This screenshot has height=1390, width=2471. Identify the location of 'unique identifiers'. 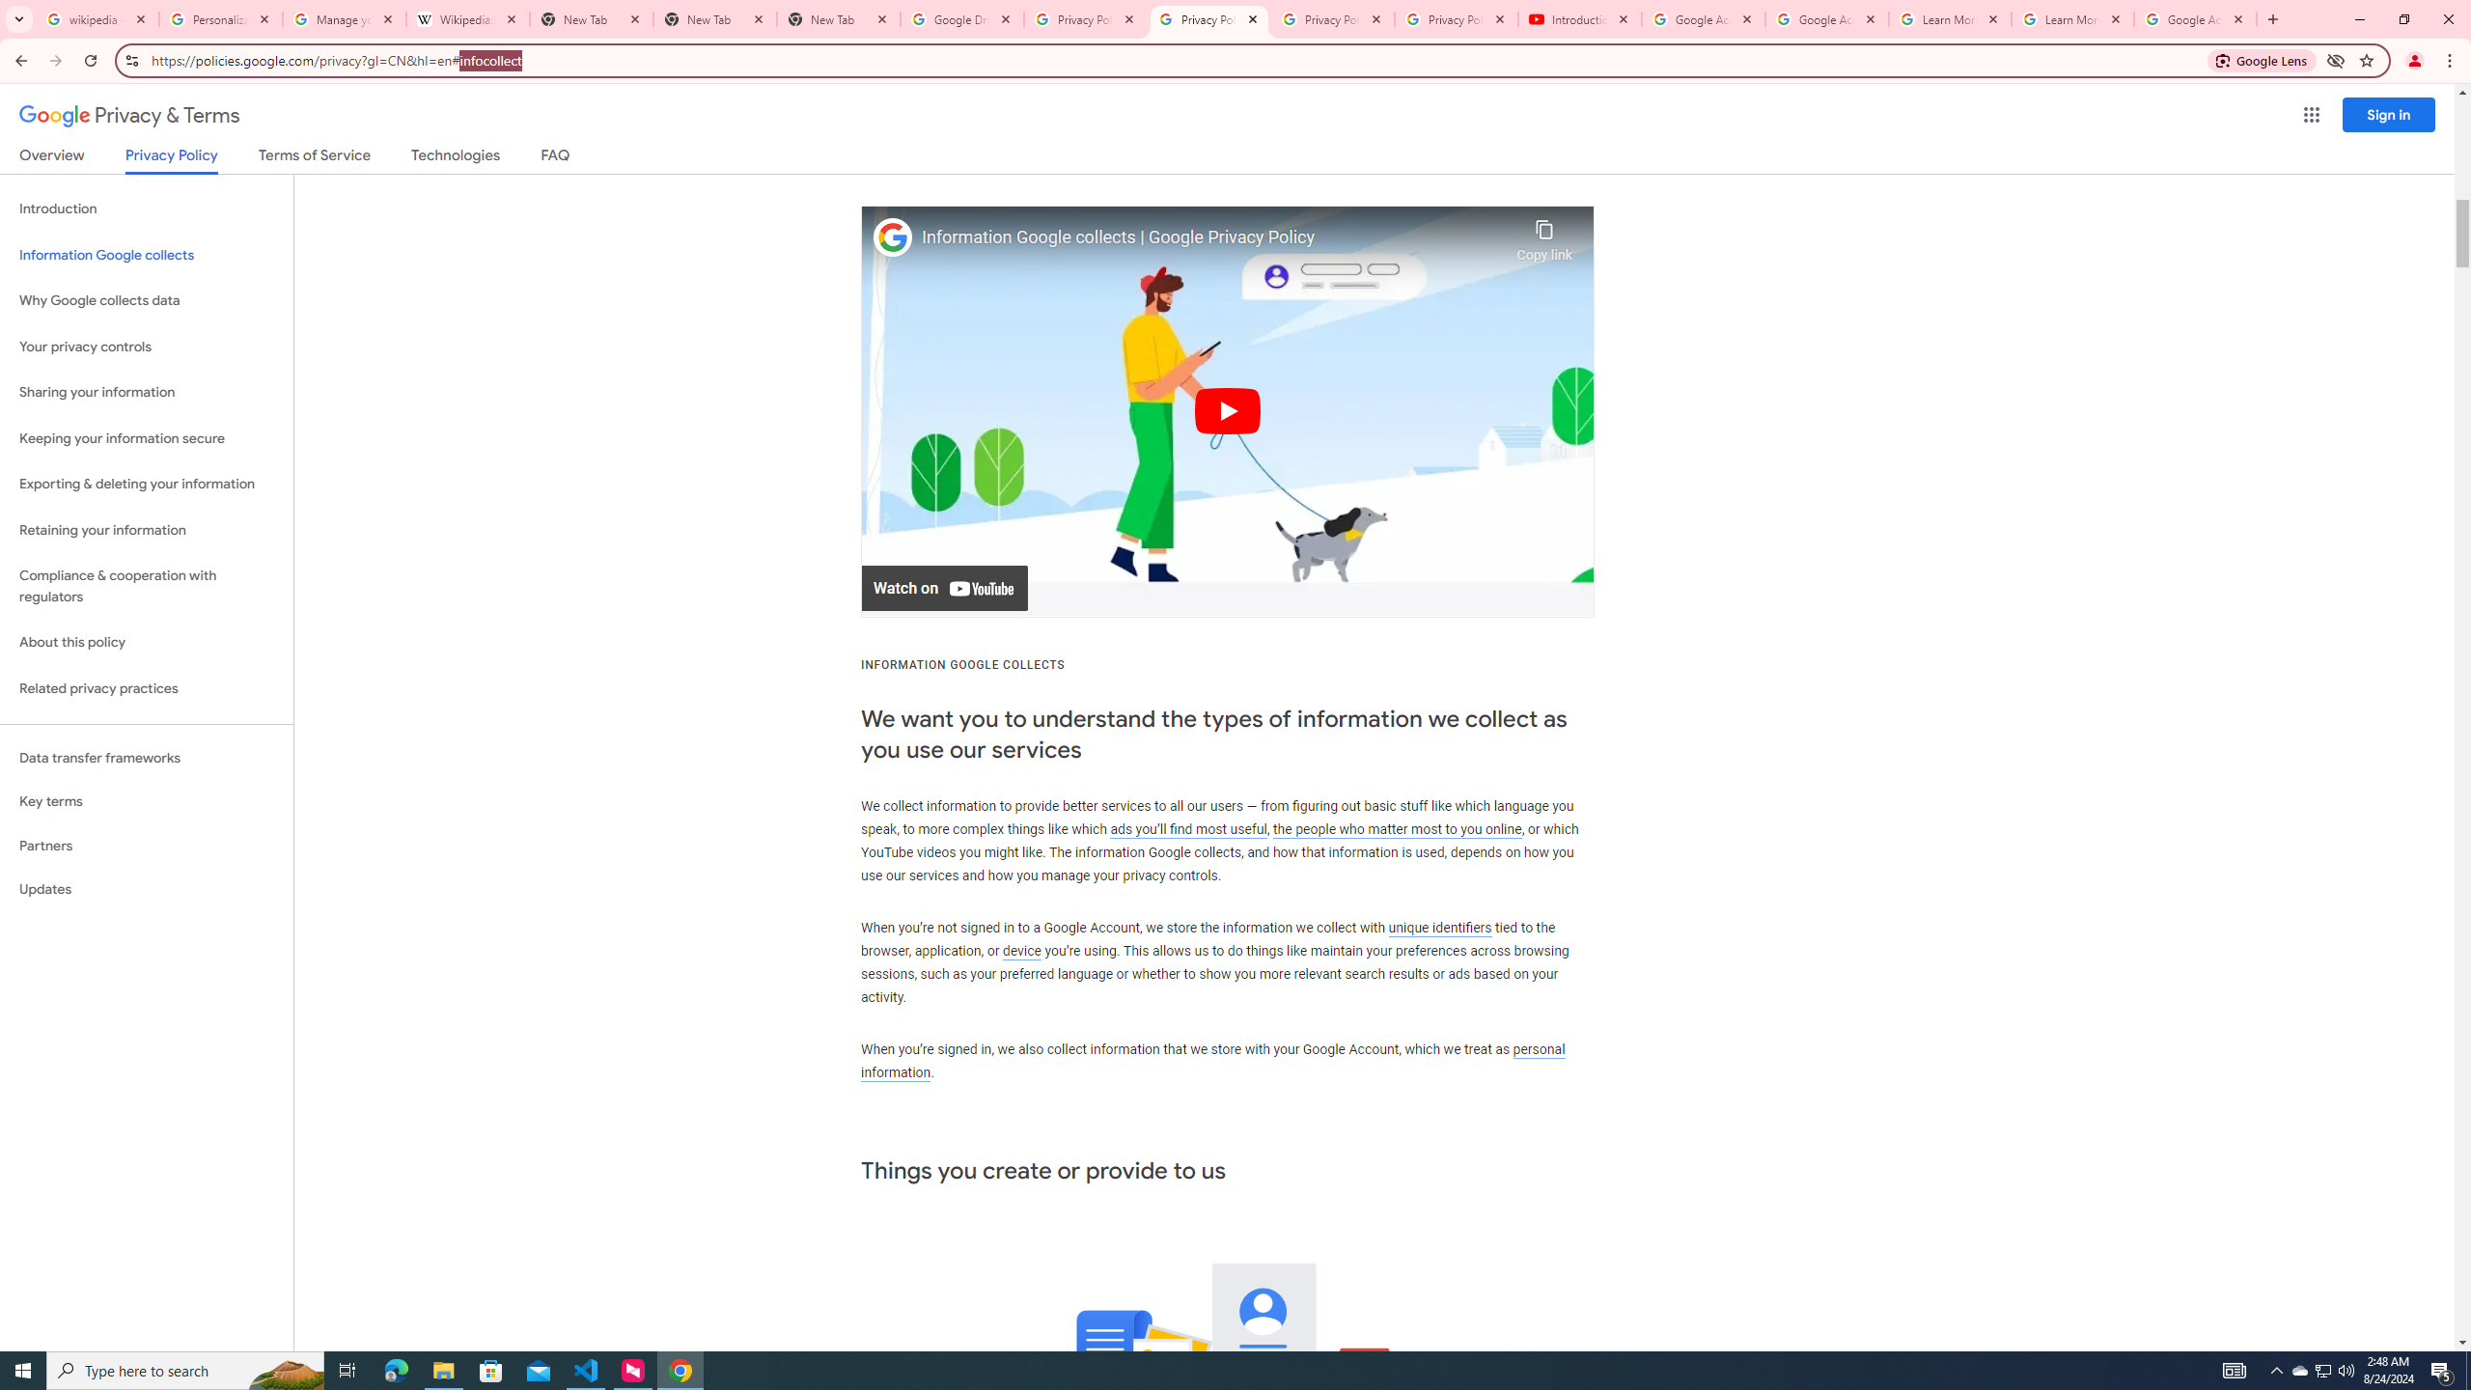
(1439, 928).